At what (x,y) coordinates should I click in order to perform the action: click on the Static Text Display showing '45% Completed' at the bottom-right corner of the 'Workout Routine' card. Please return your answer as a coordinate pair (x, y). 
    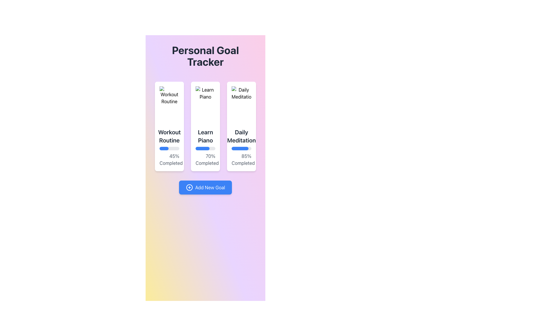
    Looking at the image, I should click on (169, 159).